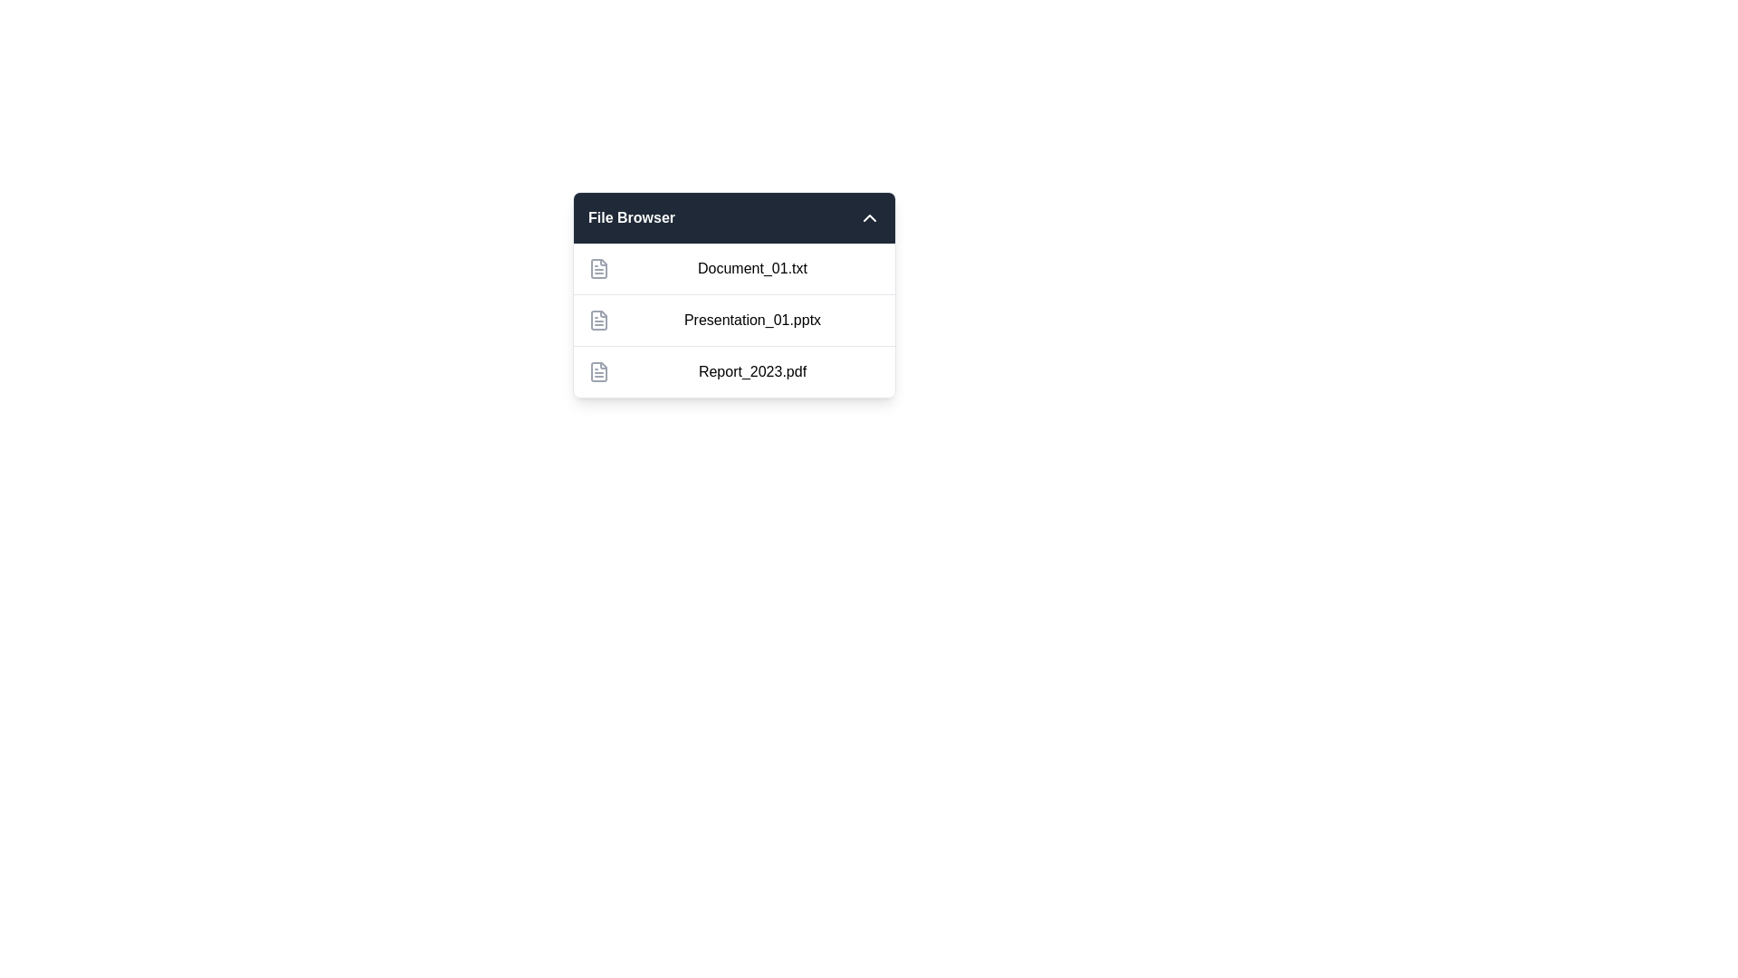 This screenshot has height=978, width=1738. Describe the element at coordinates (734, 269) in the screenshot. I see `the file name Document_01.txt to highlight its text` at that location.